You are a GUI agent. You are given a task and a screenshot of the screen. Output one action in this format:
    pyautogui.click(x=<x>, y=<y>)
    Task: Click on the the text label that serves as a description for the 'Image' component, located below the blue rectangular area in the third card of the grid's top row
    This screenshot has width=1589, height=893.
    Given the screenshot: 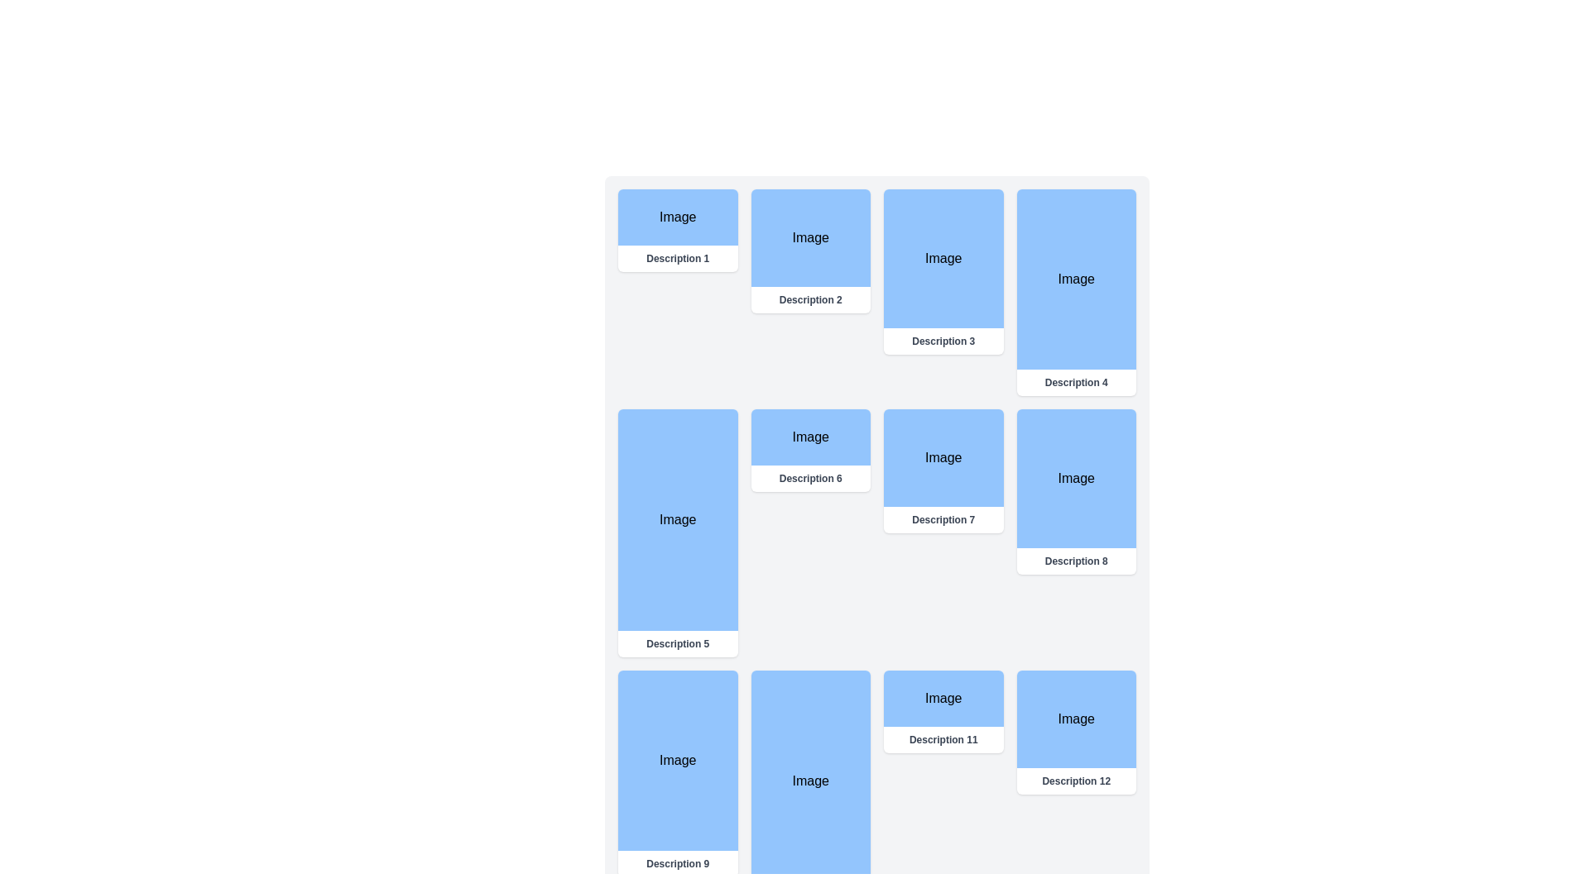 What is the action you would take?
    pyautogui.click(x=943, y=340)
    